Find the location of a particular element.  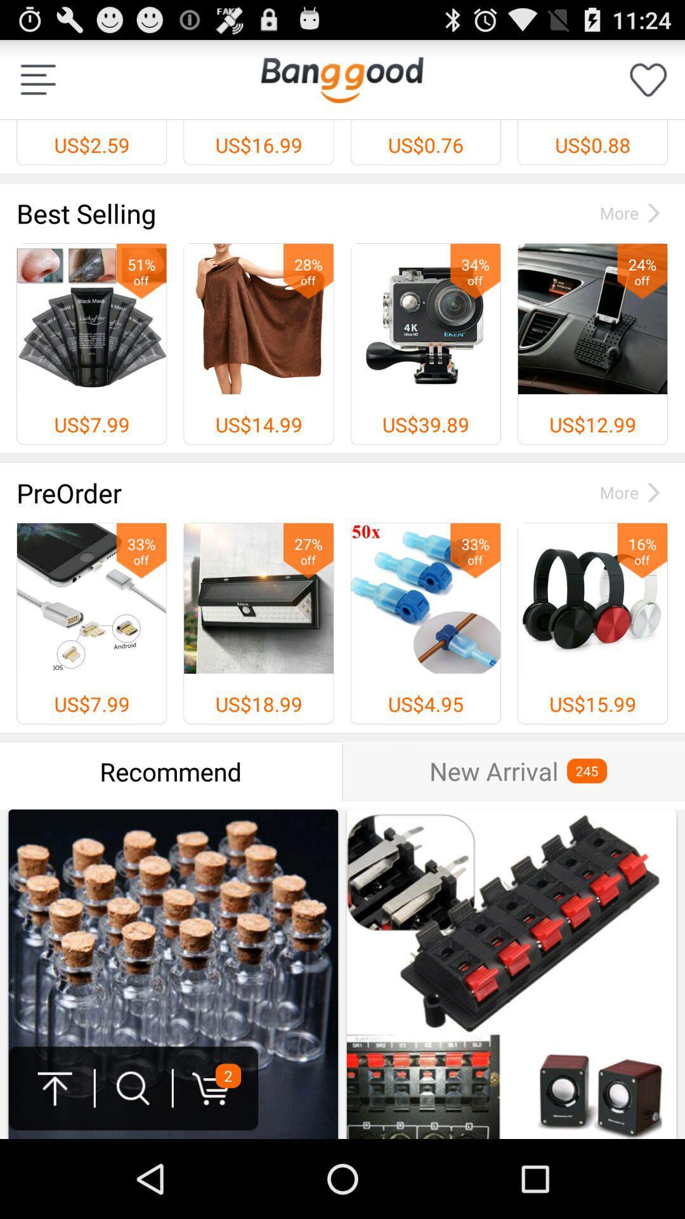

the app to the left of us$0.88 is located at coordinates (341, 79).